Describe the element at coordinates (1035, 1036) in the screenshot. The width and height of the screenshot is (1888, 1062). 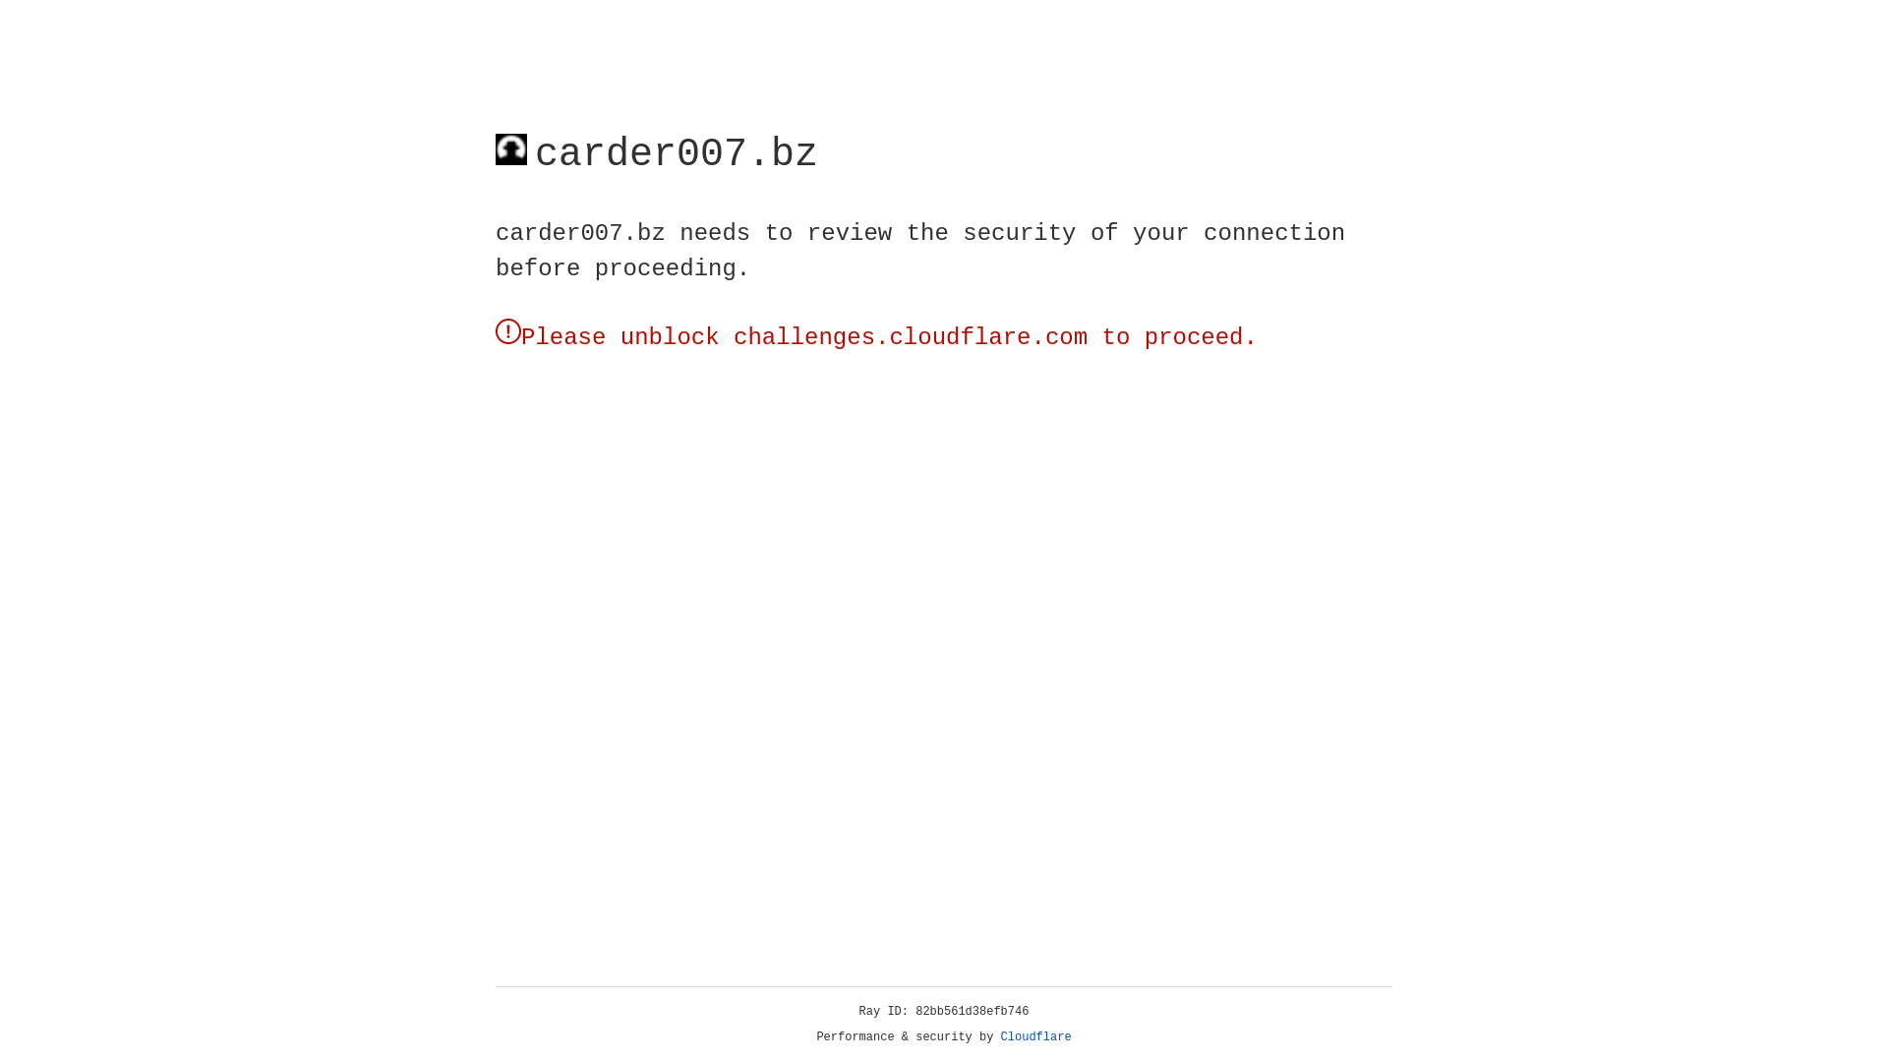
I see `'Cloudflare'` at that location.